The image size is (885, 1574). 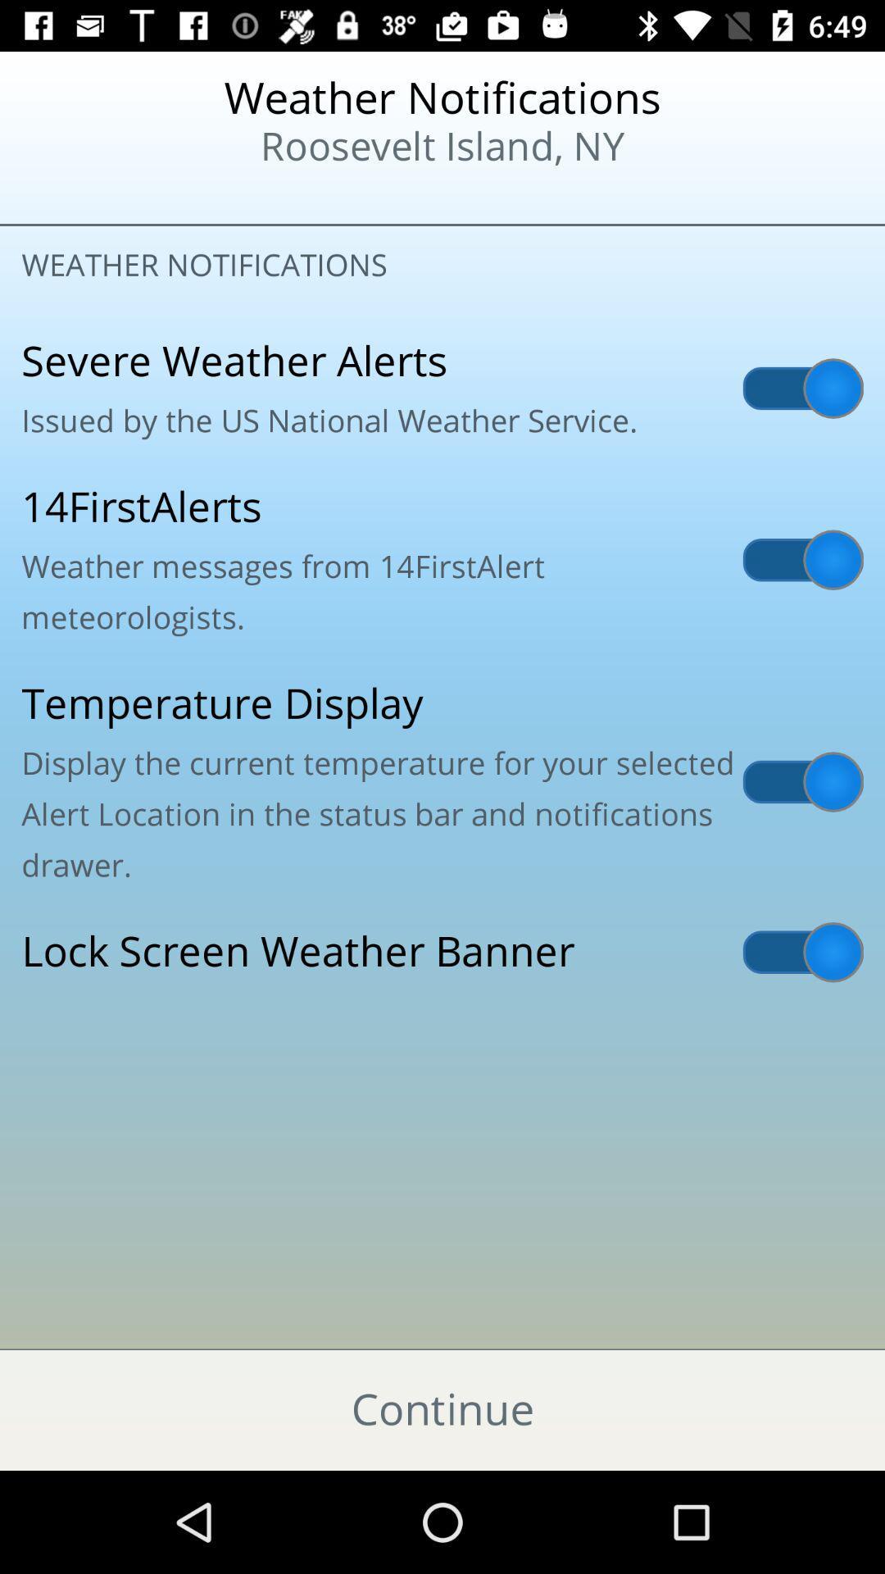 What do you see at coordinates (442, 122) in the screenshot?
I see `the text which is above weather notifications` at bounding box center [442, 122].